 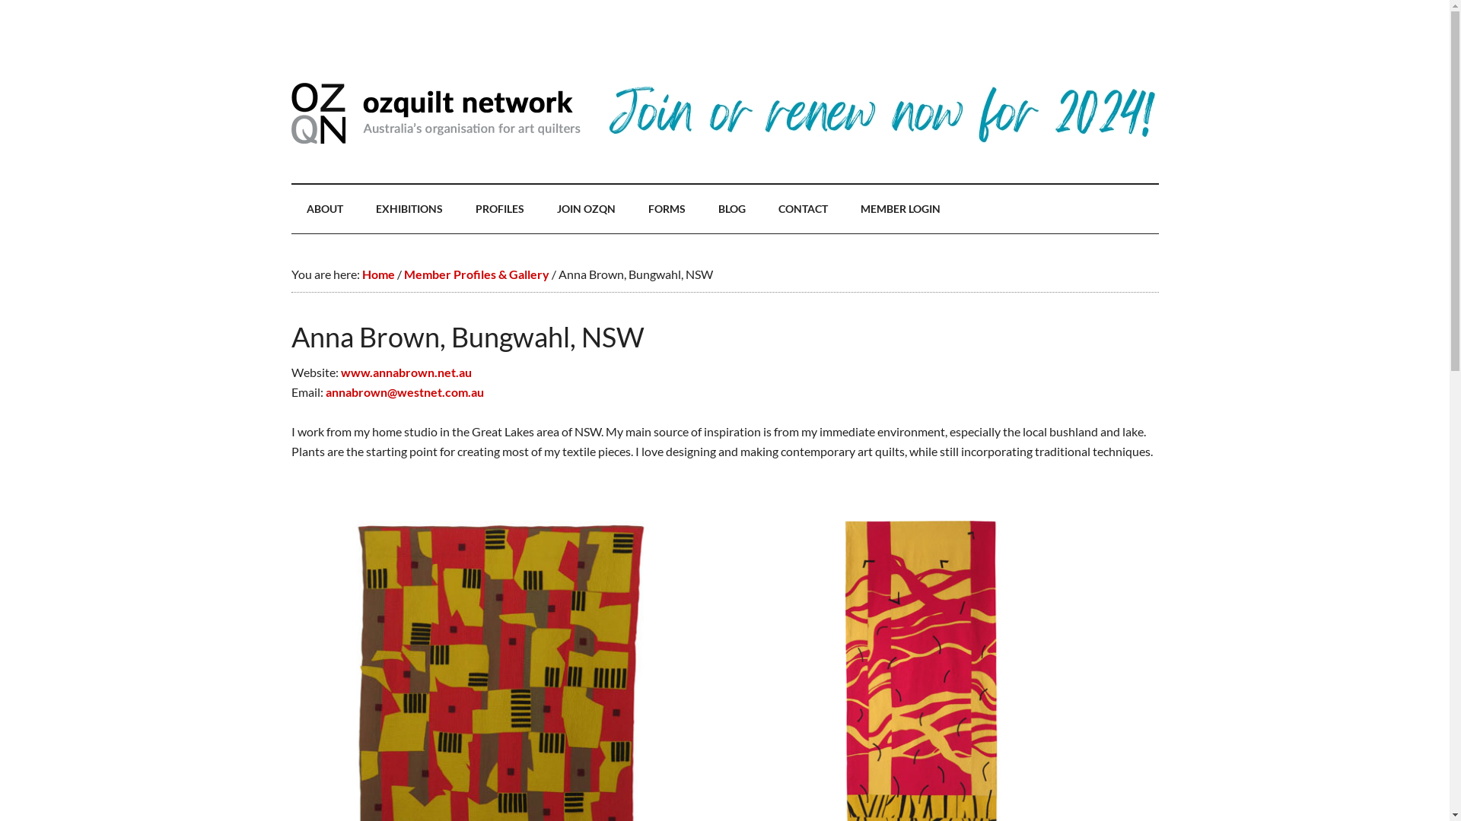 What do you see at coordinates (899, 208) in the screenshot?
I see `'MEMBER LOGIN'` at bounding box center [899, 208].